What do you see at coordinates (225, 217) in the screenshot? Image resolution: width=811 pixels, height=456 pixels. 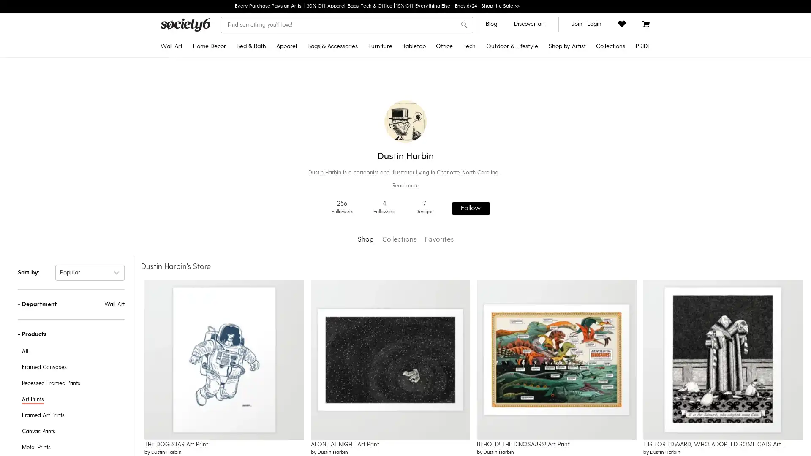 I see `Wall Murals` at bounding box center [225, 217].